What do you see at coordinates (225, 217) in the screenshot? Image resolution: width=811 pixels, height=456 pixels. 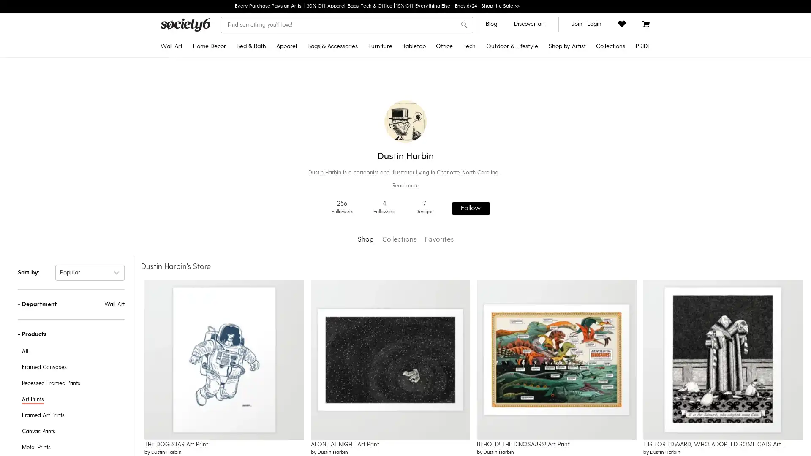 I see `Wall Murals` at bounding box center [225, 217].